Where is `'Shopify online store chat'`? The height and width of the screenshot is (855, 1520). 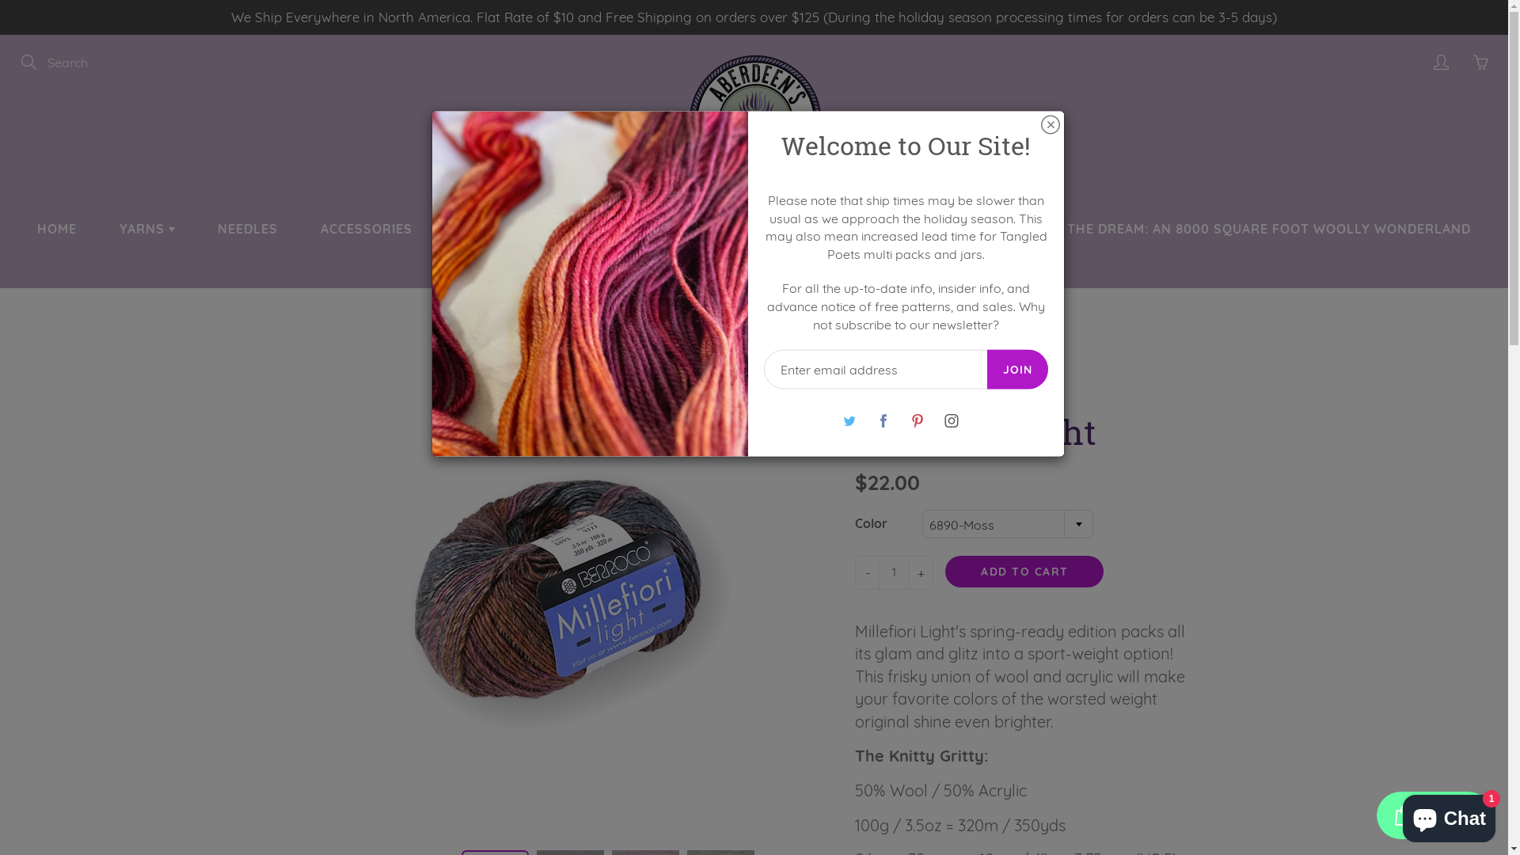 'Shopify online store chat' is located at coordinates (1449, 815).